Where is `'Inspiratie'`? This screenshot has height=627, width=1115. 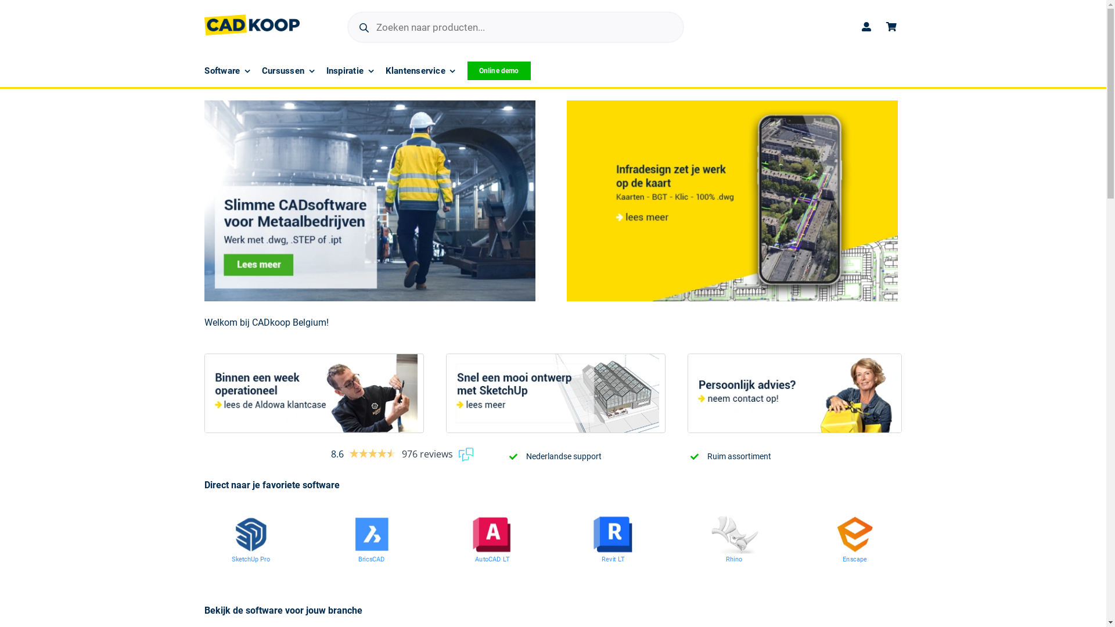 'Inspiratie' is located at coordinates (350, 71).